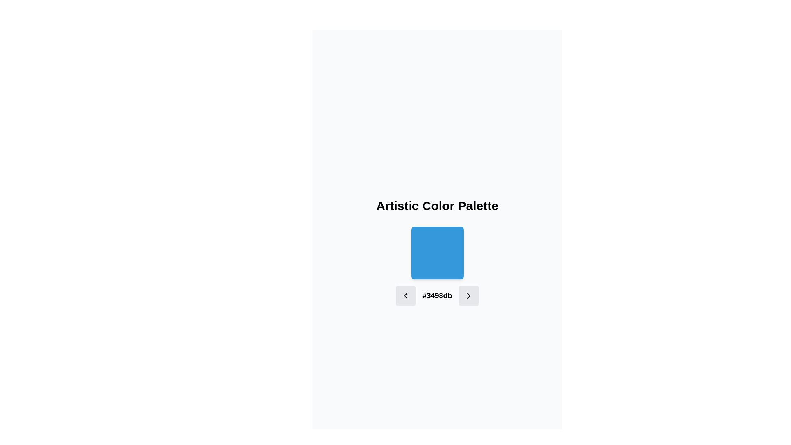 The width and height of the screenshot is (791, 445). Describe the element at coordinates (437, 295) in the screenshot. I see `the Text Display element styled as a bold black font '#3498db' located centrally below the blue square display and above arrow buttons` at that location.